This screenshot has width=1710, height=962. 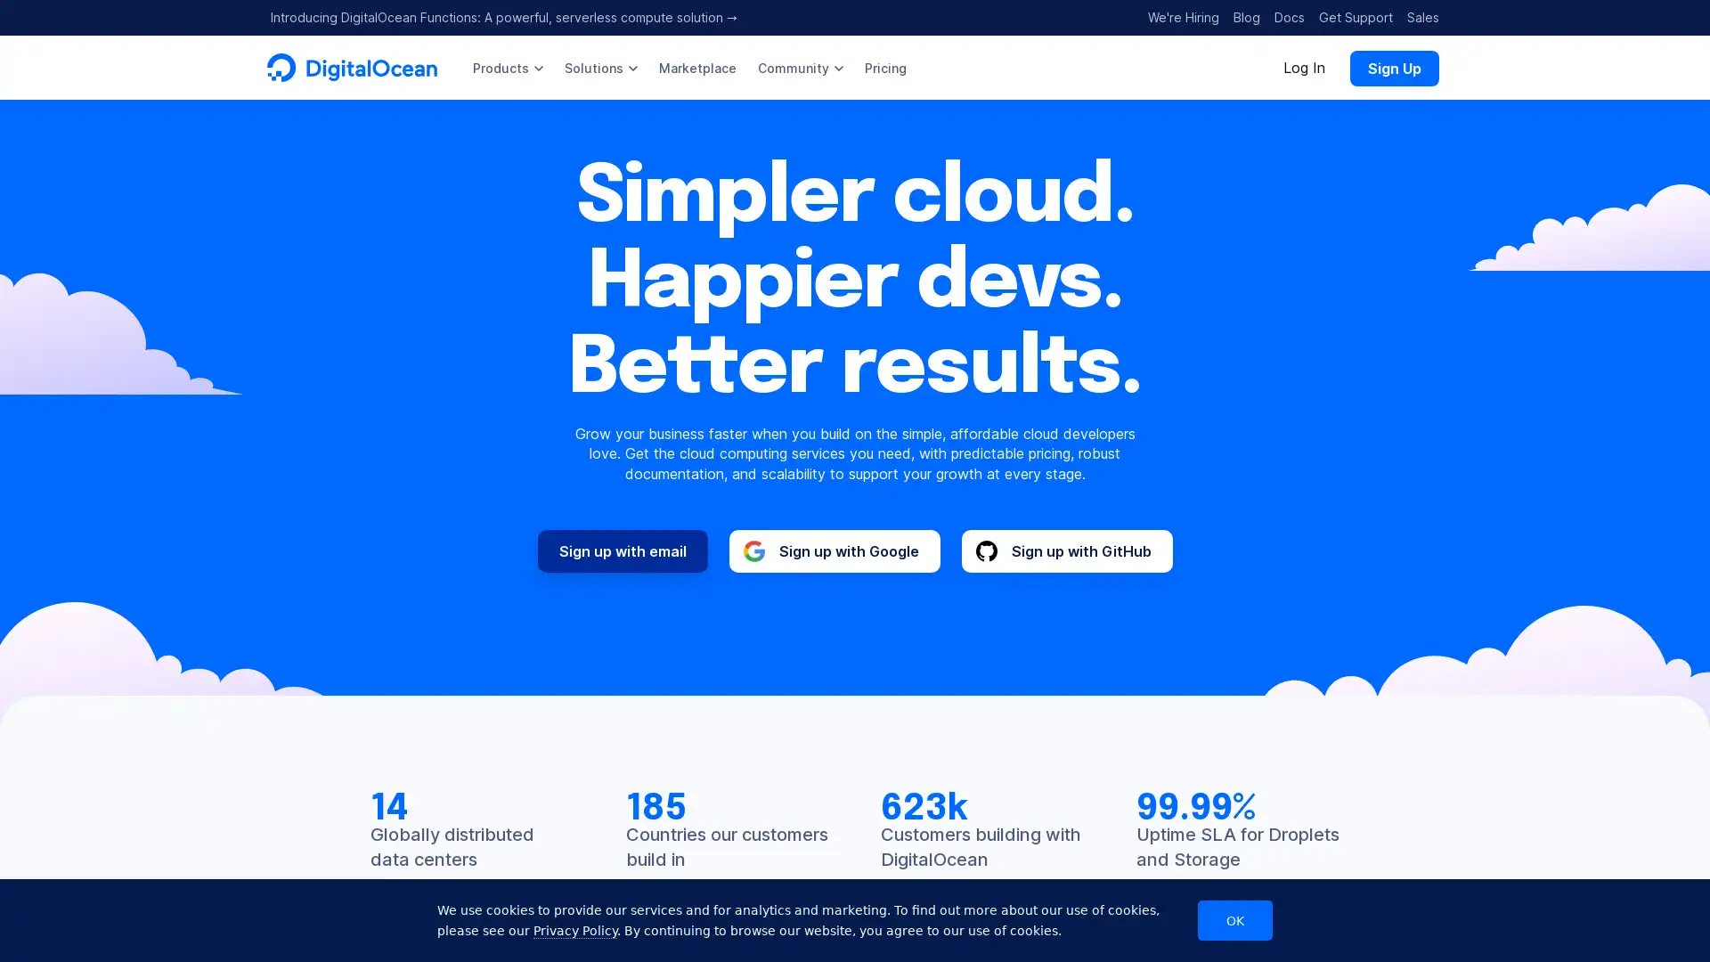 I want to click on Products, so click(x=507, y=67).